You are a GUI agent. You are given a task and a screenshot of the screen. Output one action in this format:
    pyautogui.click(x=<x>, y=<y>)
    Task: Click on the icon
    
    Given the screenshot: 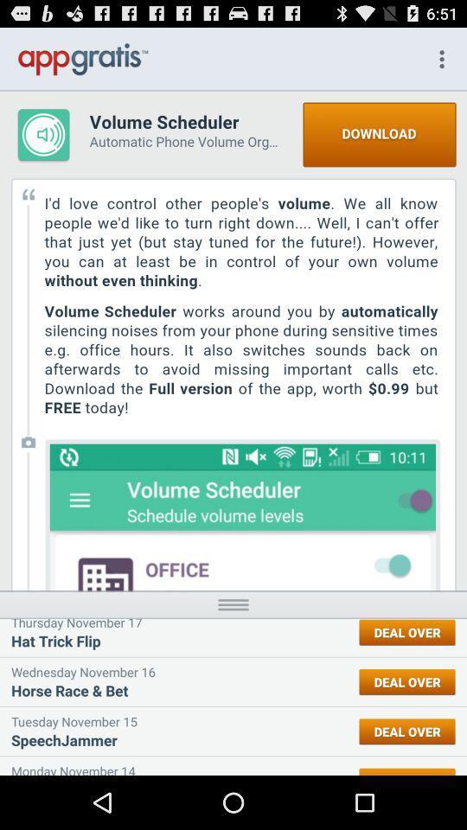 What is the action you would take?
    pyautogui.click(x=233, y=604)
    